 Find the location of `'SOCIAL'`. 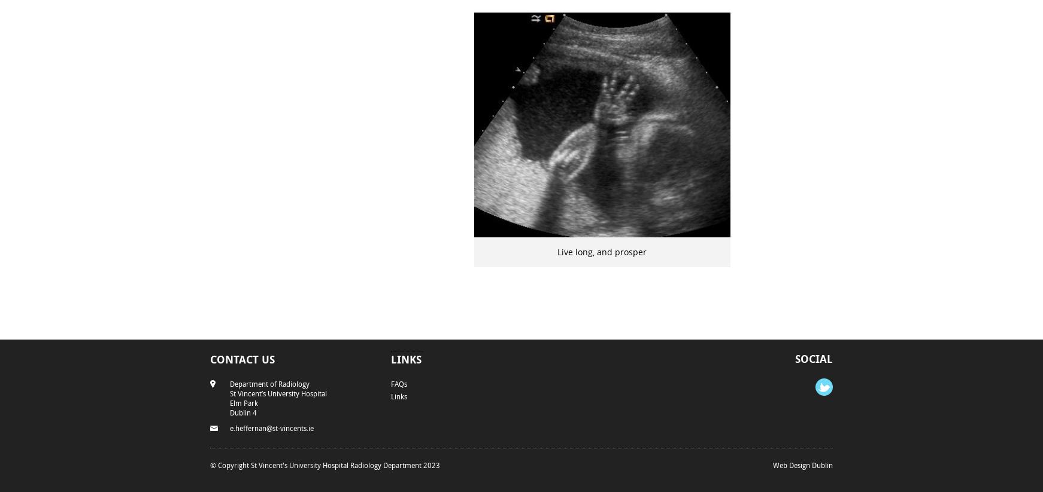

'SOCIAL' is located at coordinates (795, 357).